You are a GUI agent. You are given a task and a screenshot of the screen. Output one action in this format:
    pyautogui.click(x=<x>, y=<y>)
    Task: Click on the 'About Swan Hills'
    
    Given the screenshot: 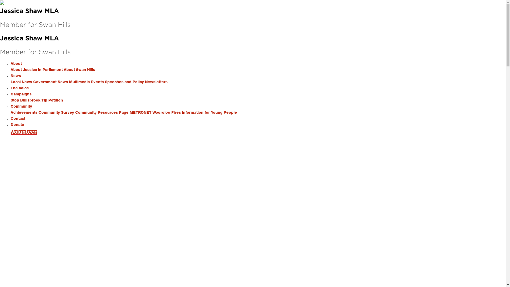 What is the action you would take?
    pyautogui.click(x=79, y=69)
    